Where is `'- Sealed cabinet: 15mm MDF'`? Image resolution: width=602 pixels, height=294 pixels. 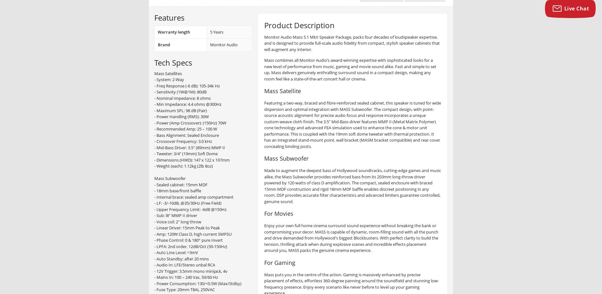
'- Sealed cabinet: 15mm MDF' is located at coordinates (154, 184).